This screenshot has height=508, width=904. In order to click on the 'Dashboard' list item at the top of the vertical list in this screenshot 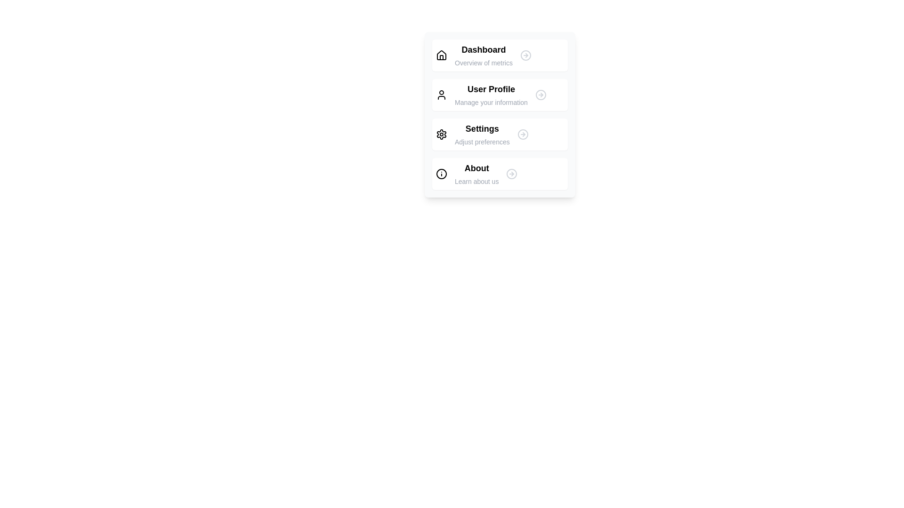, I will do `click(499, 56)`.